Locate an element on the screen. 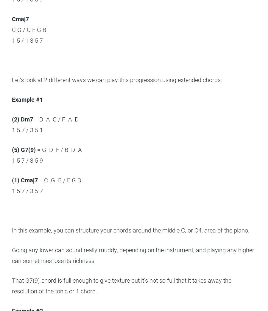  '(5) G7(9)' is located at coordinates (11, 150).